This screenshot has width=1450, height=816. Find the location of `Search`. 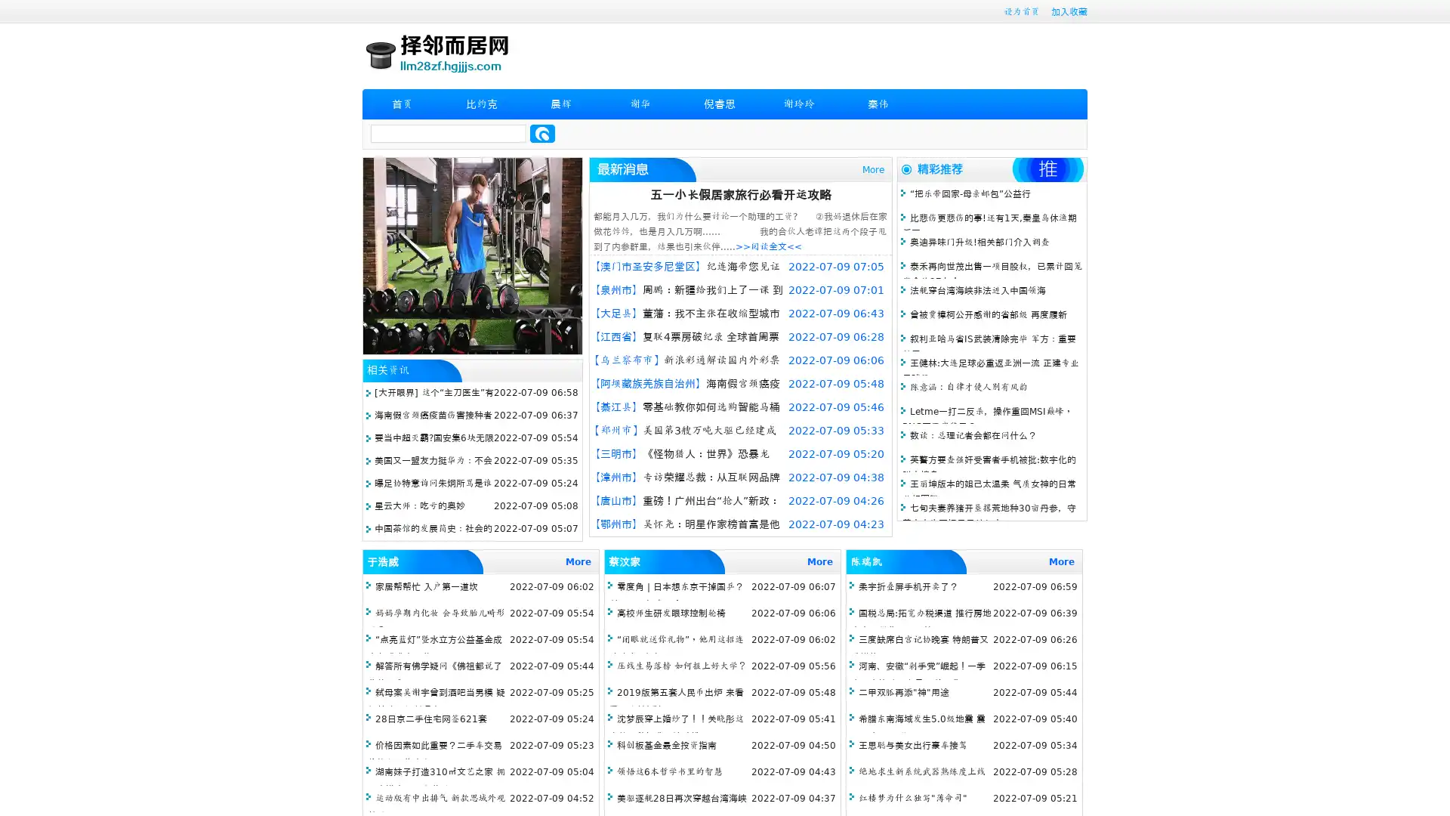

Search is located at coordinates (542, 133).